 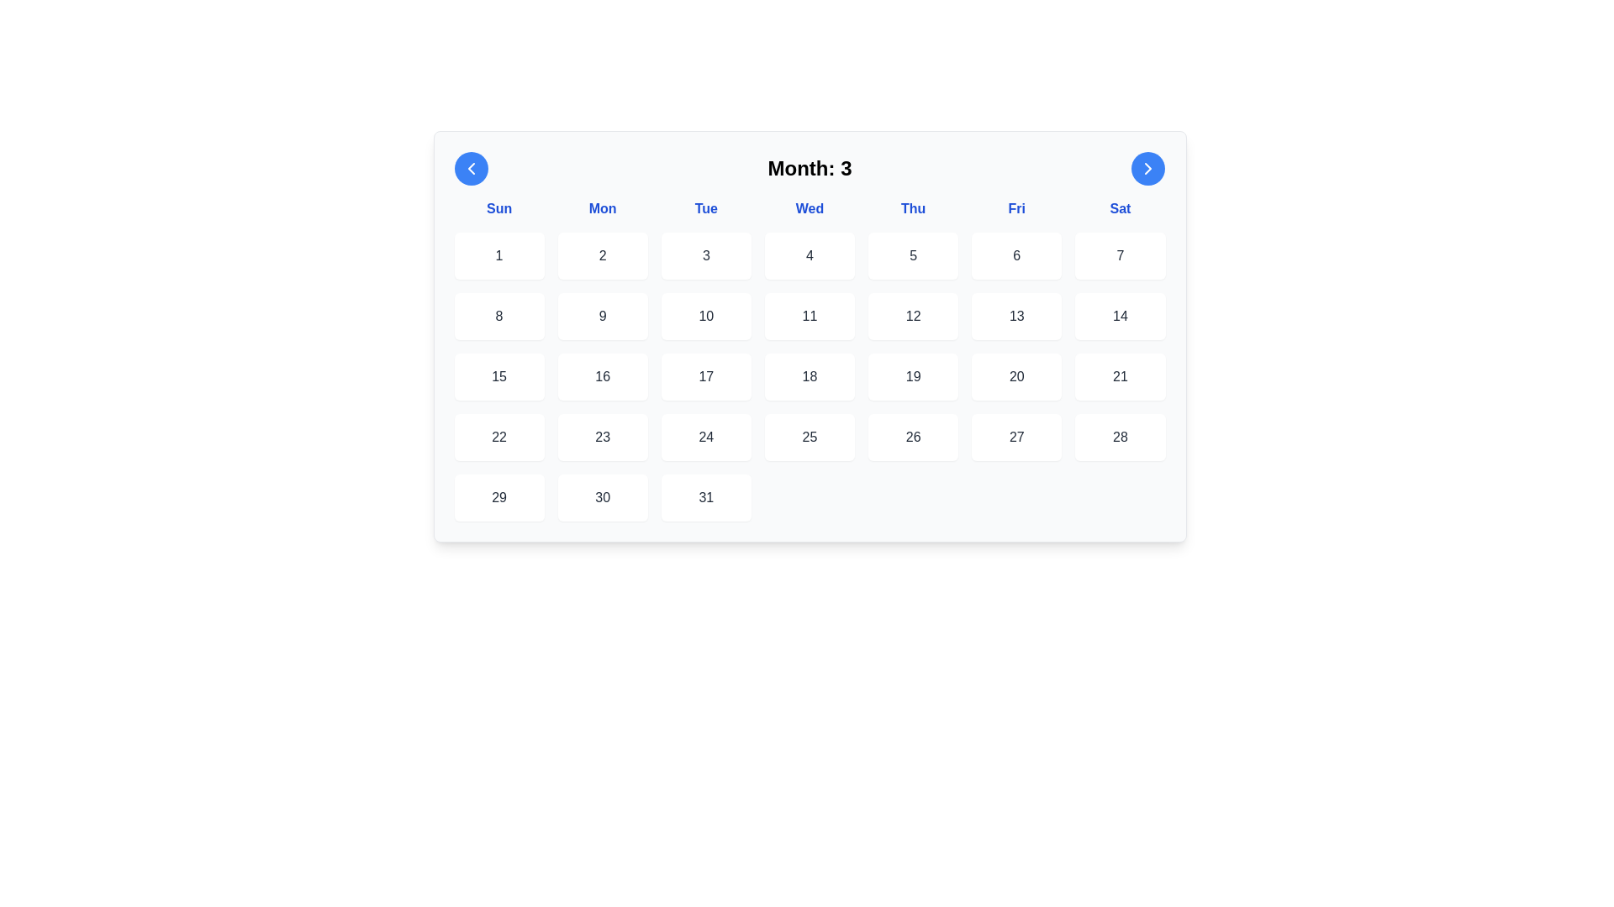 What do you see at coordinates (1120, 208) in the screenshot?
I see `the text label displaying 'Sat' in blue color, which is the rightmost cell in the weekday headers grid` at bounding box center [1120, 208].